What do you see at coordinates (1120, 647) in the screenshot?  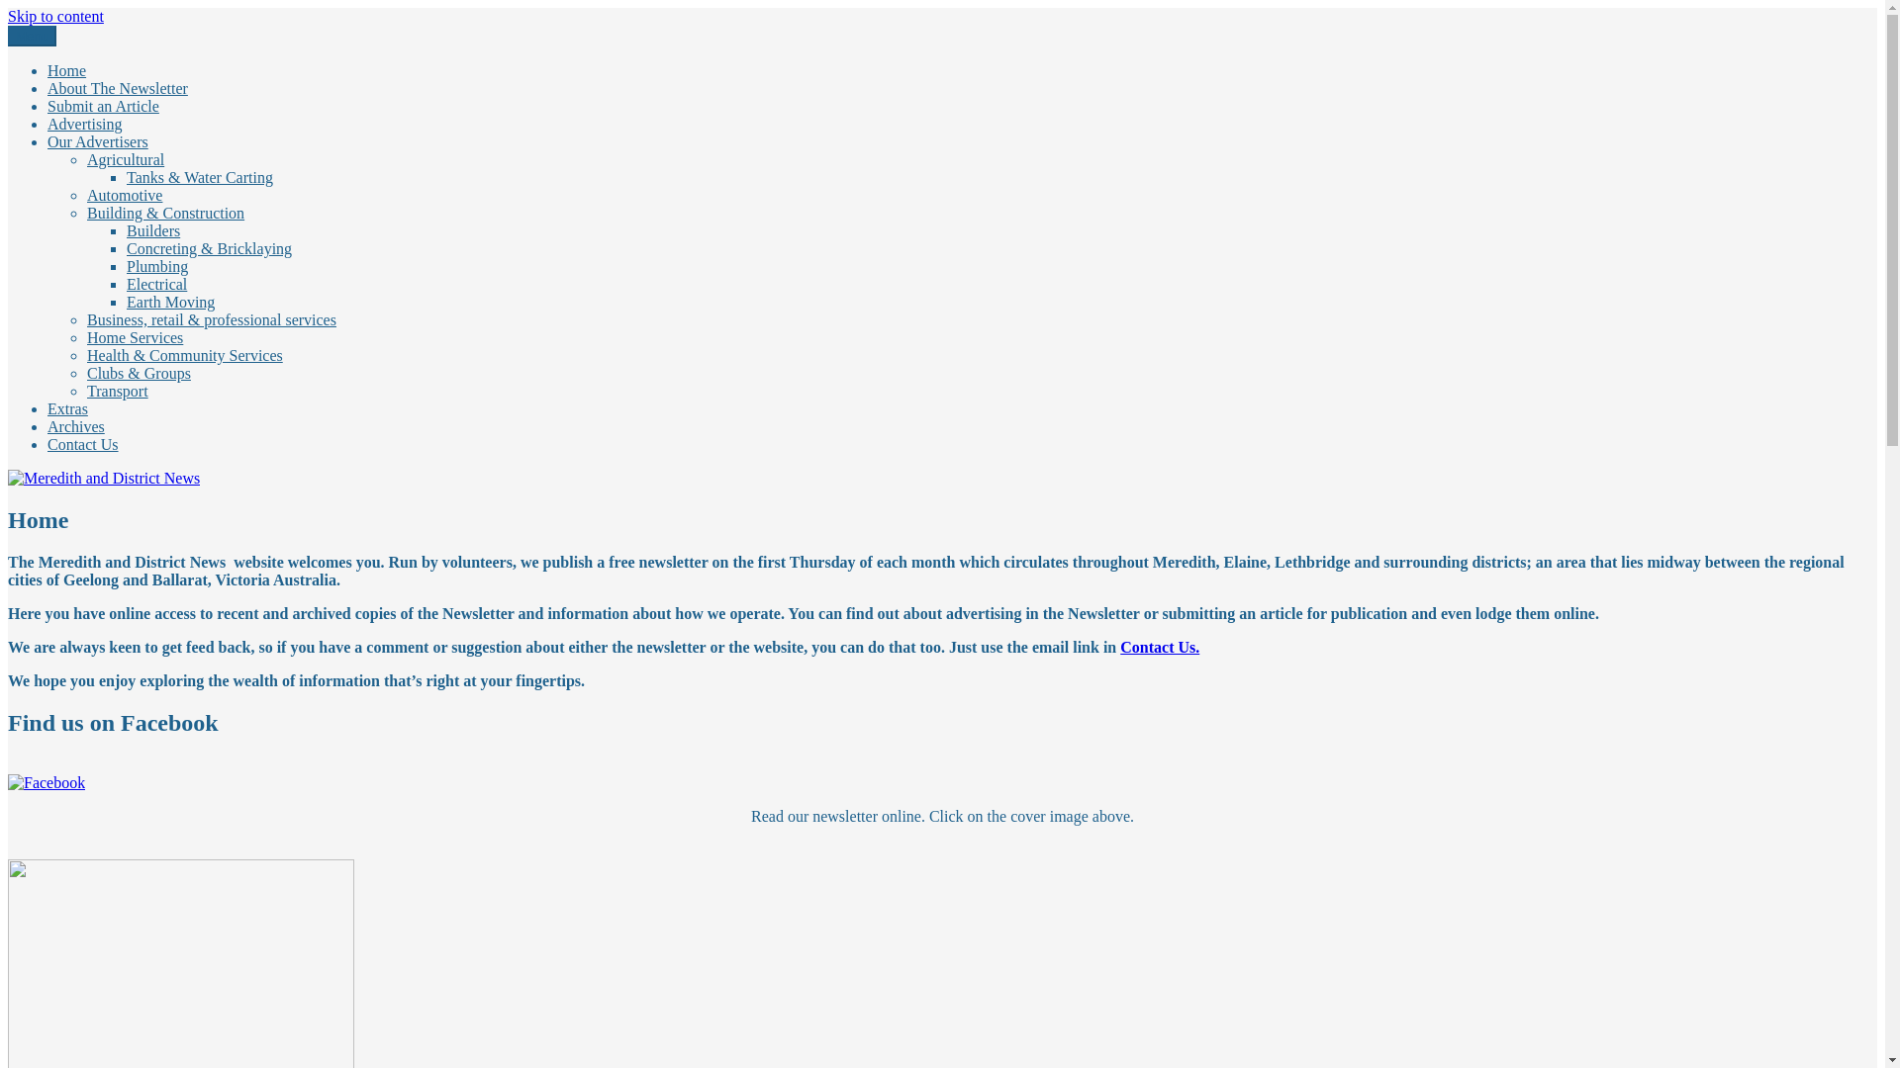 I see `'Contact Us.'` at bounding box center [1120, 647].